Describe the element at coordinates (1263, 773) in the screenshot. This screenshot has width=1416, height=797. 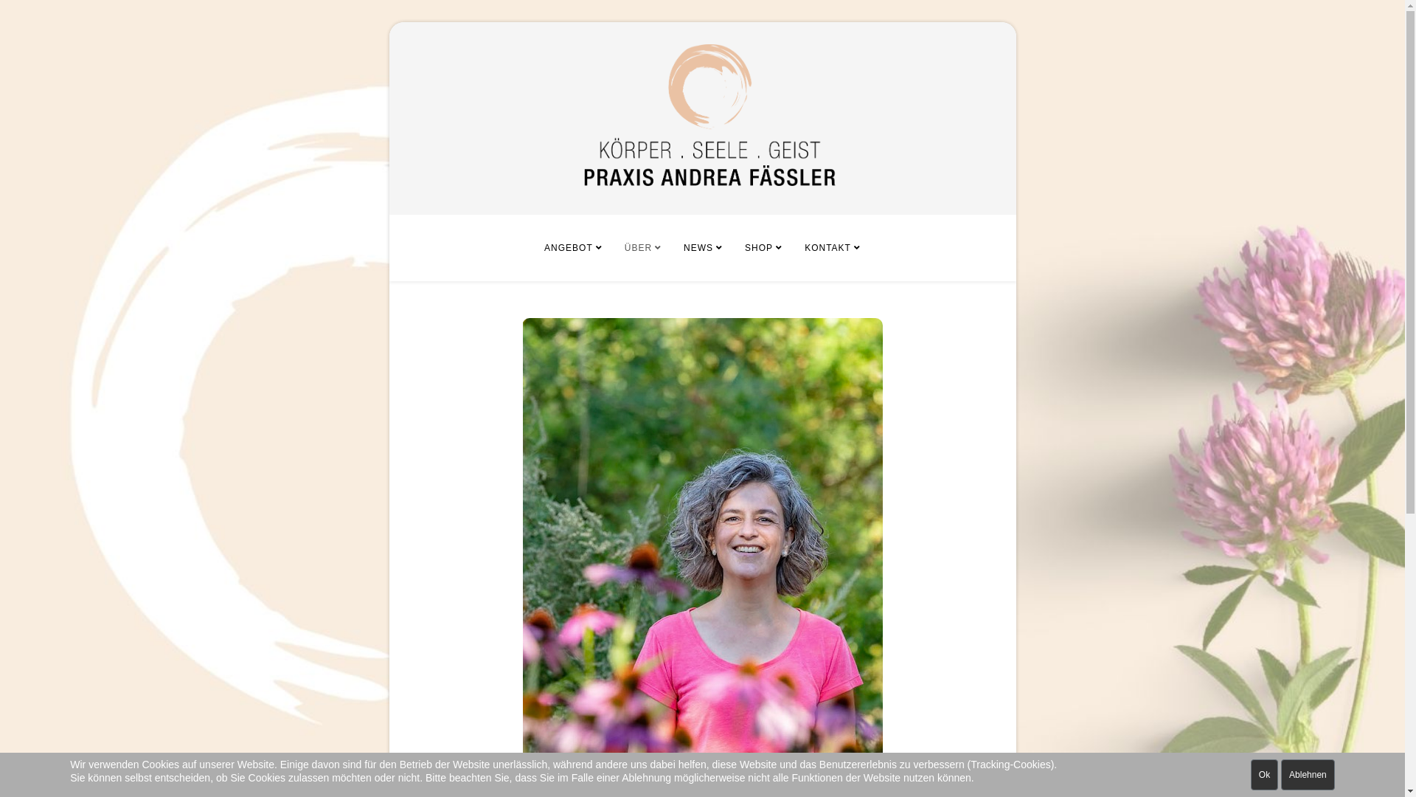
I see `'Ok'` at that location.